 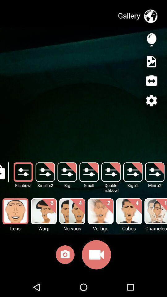 What do you see at coordinates (101, 211) in the screenshot?
I see `option above video icon` at bounding box center [101, 211].